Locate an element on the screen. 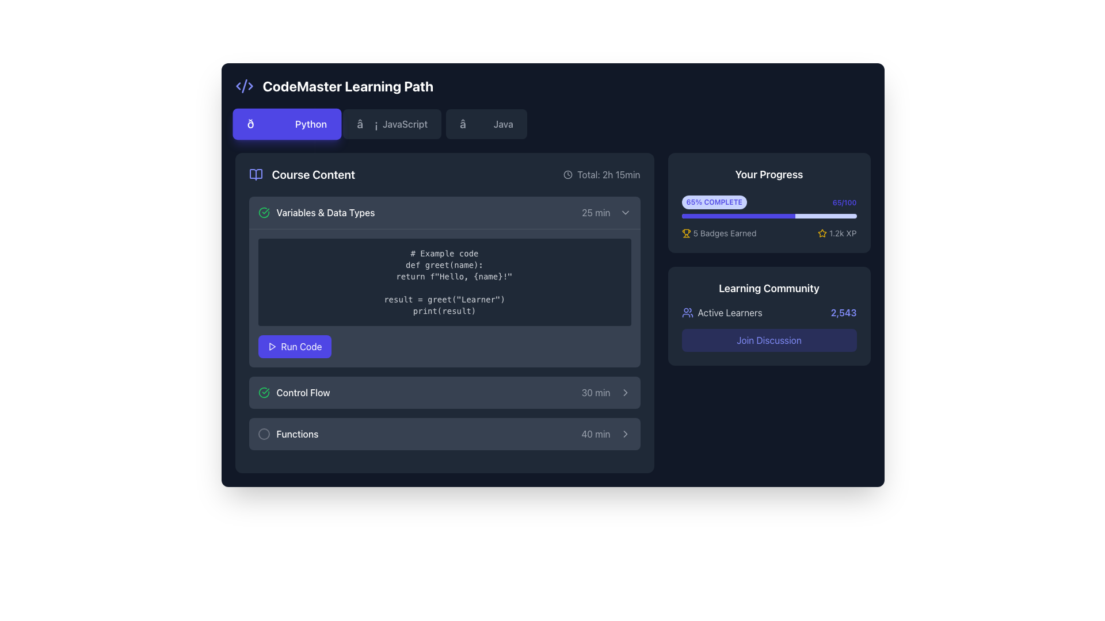 This screenshot has height=621, width=1105. text label displaying the time duration 'Total: 2h 15min' located in the top-right corner of the 'Course Content' section, adjacent to a clock icon is located at coordinates (608, 175).